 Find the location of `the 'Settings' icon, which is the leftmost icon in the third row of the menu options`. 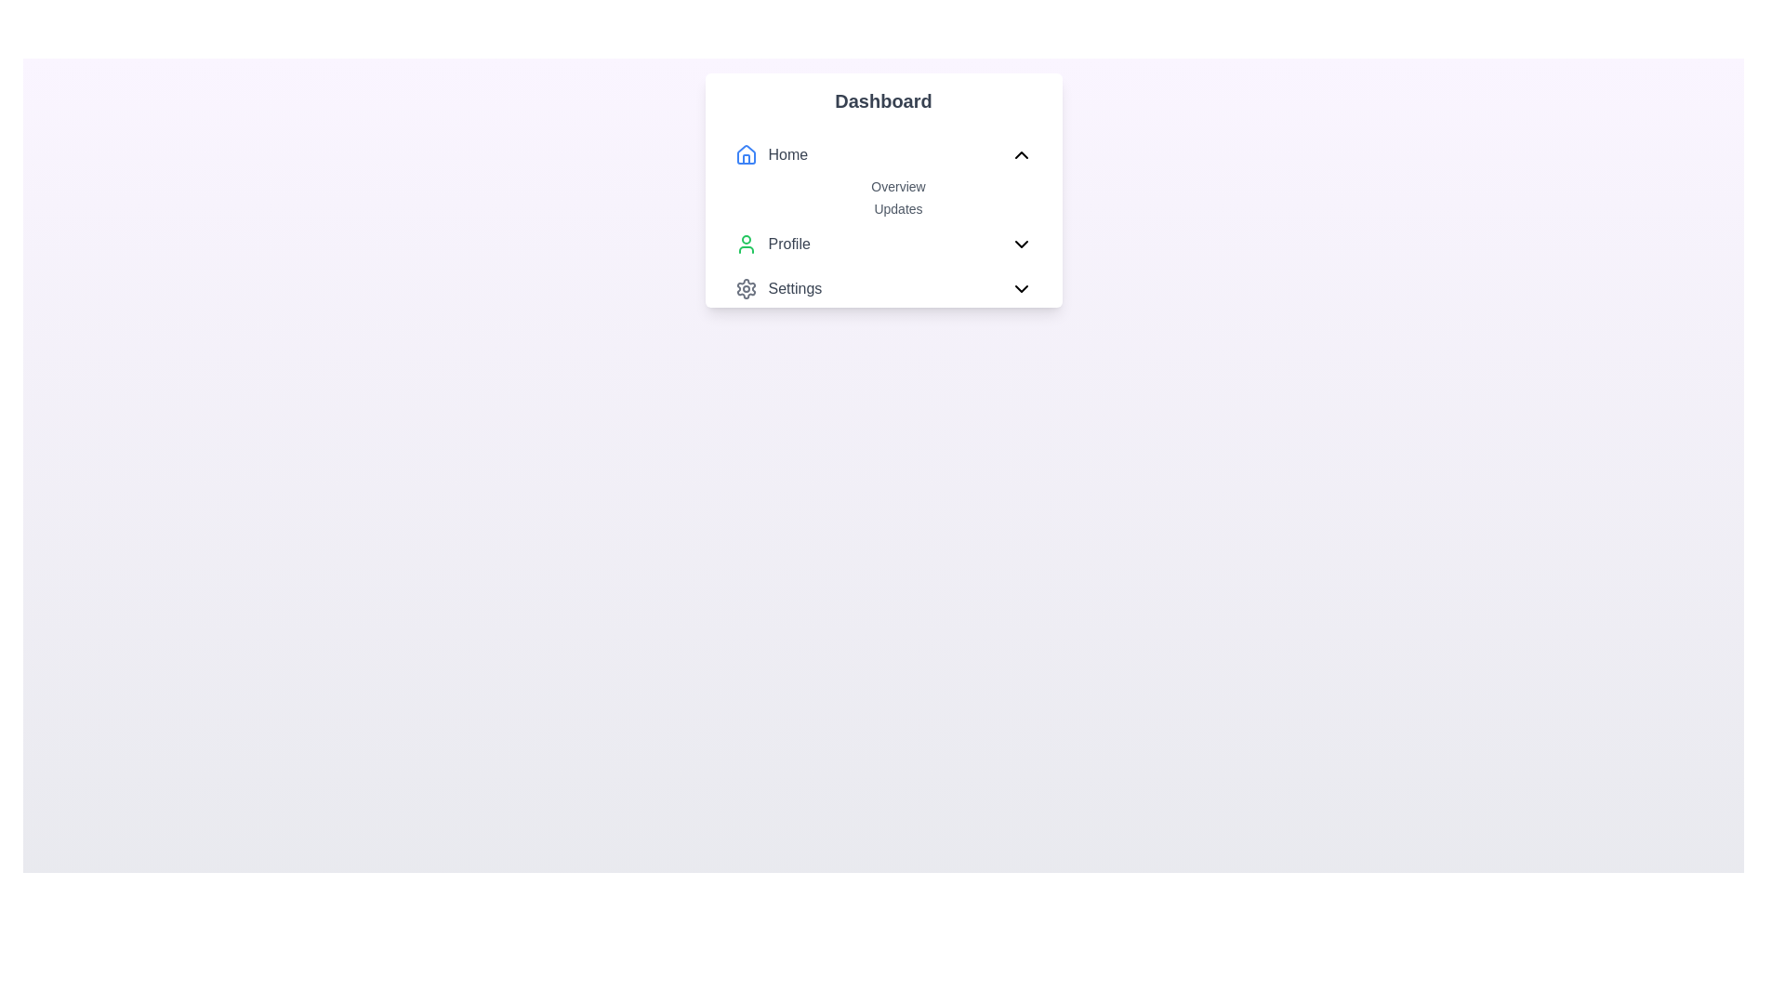

the 'Settings' icon, which is the leftmost icon in the third row of the menu options is located at coordinates (746, 289).